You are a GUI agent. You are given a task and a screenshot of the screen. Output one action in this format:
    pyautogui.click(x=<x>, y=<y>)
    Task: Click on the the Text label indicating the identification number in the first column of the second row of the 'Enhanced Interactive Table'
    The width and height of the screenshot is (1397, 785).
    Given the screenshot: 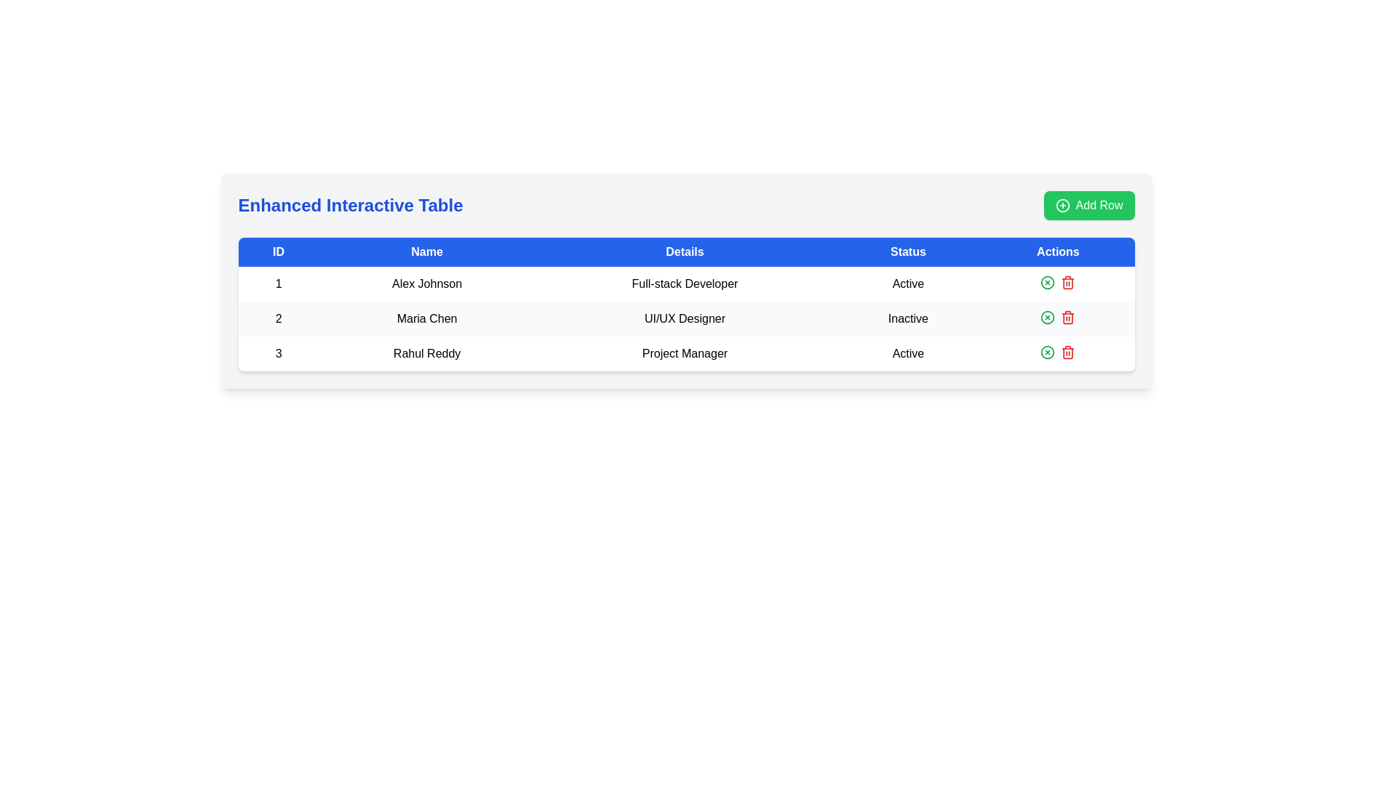 What is the action you would take?
    pyautogui.click(x=279, y=318)
    